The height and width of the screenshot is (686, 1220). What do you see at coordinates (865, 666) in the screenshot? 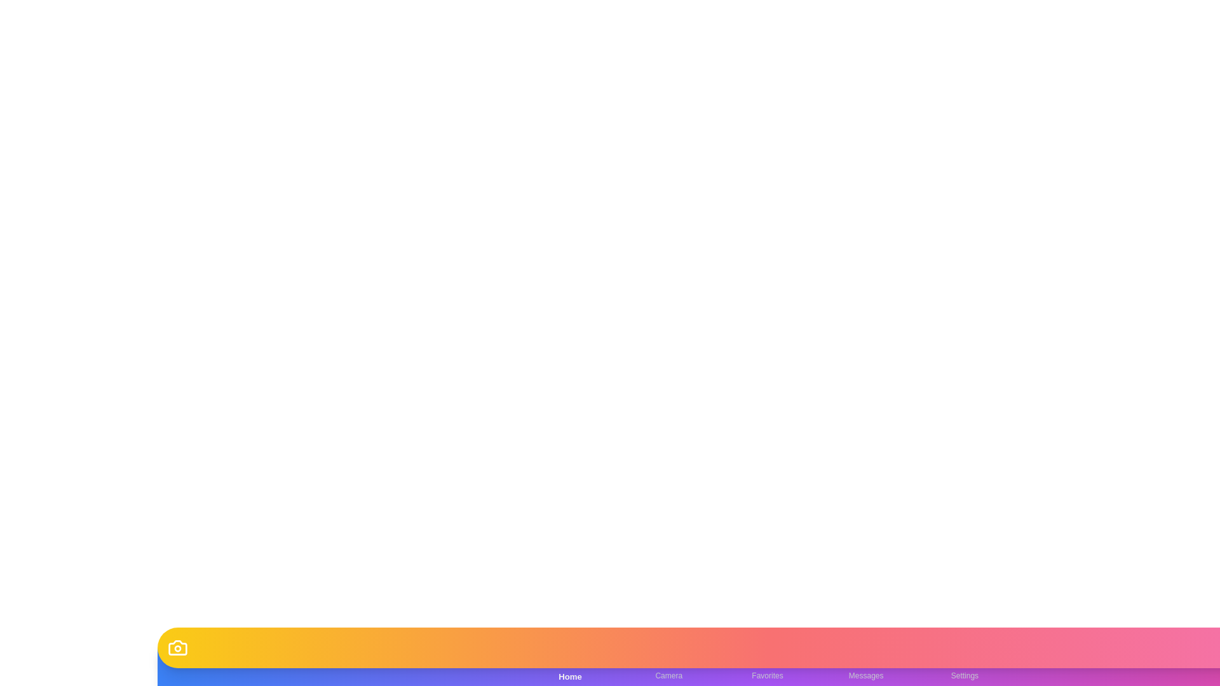
I see `the Messages tab in the bottom navigation bar` at bounding box center [865, 666].